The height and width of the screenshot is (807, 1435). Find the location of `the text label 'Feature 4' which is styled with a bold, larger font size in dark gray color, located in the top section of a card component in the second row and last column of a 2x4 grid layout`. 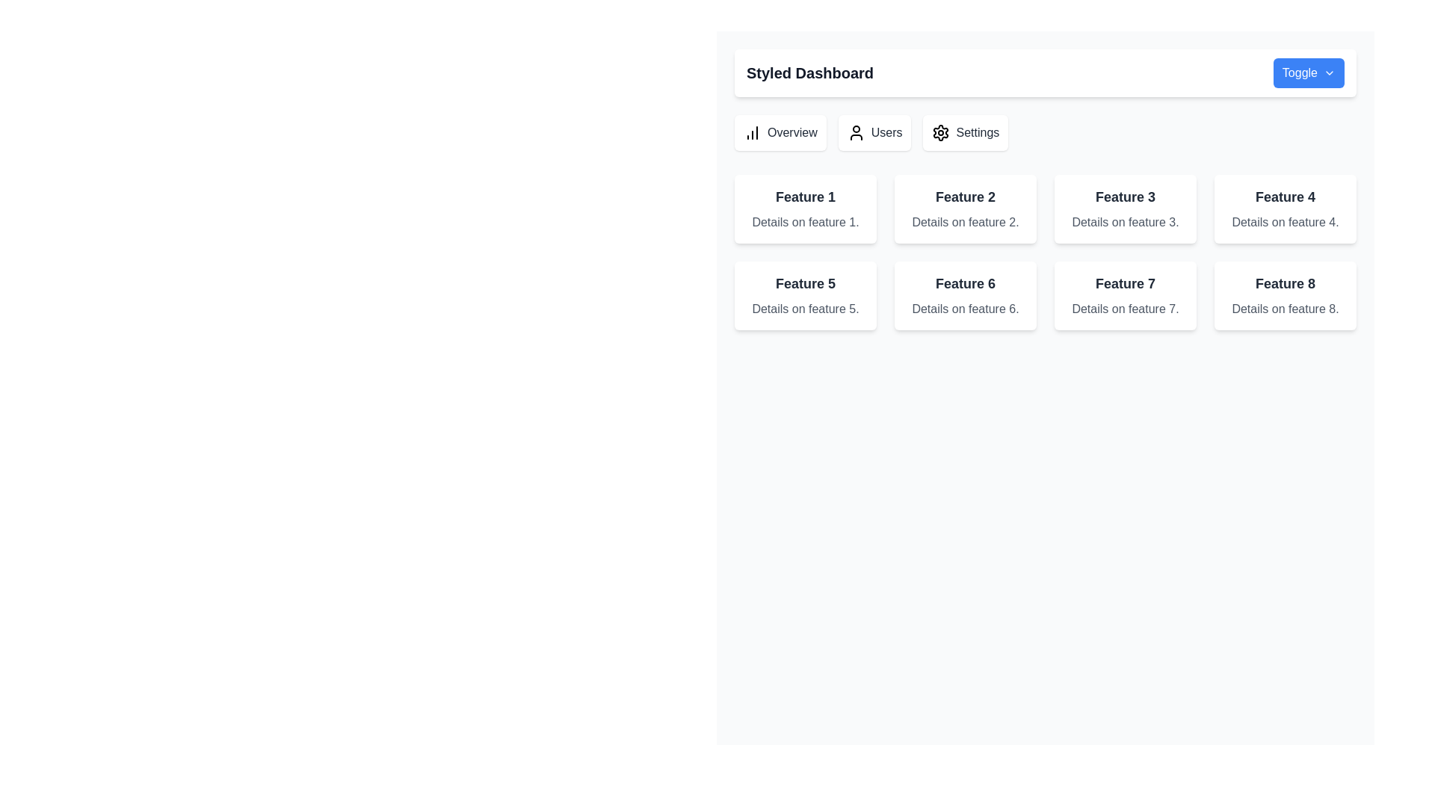

the text label 'Feature 4' which is styled with a bold, larger font size in dark gray color, located in the top section of a card component in the second row and last column of a 2x4 grid layout is located at coordinates (1284, 196).